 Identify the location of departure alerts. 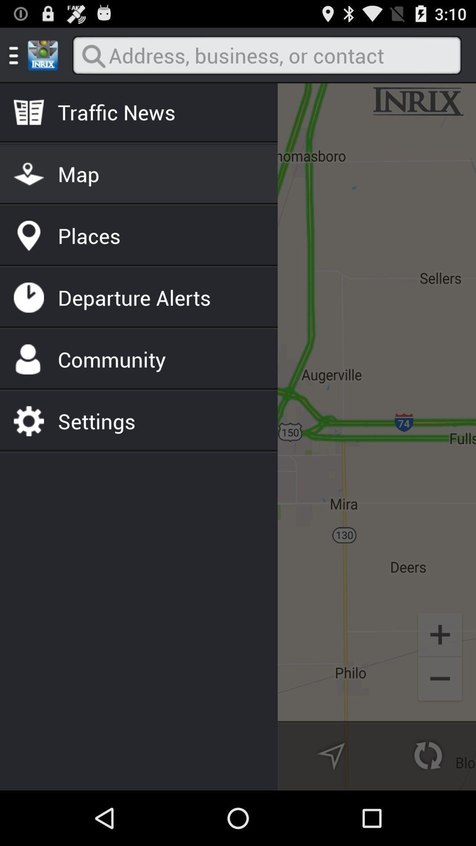
(134, 297).